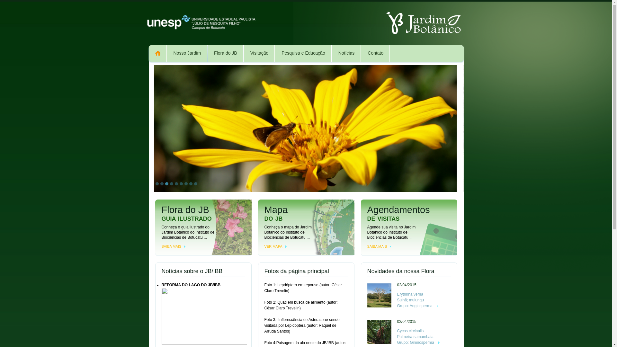 This screenshot has width=617, height=347. I want to click on '8', so click(190, 183).